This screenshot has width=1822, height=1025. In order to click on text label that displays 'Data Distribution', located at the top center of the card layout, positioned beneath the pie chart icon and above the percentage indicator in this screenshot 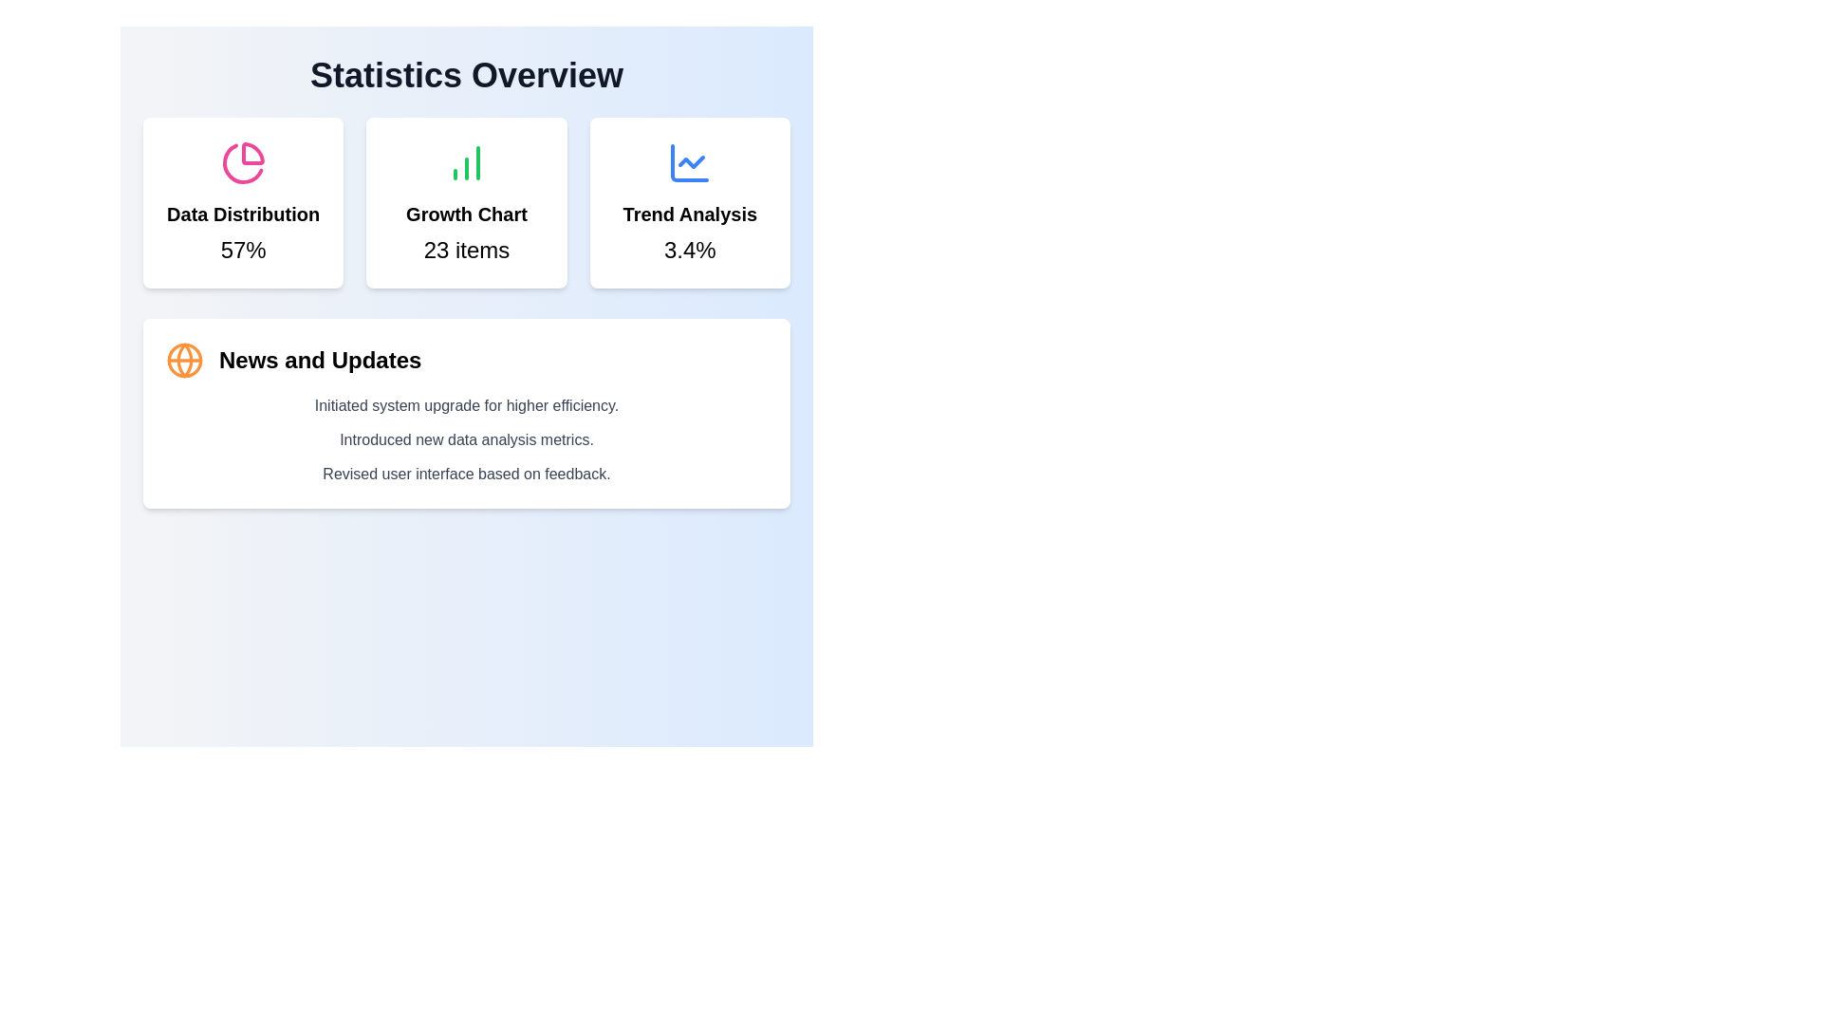, I will do `click(242, 214)`.